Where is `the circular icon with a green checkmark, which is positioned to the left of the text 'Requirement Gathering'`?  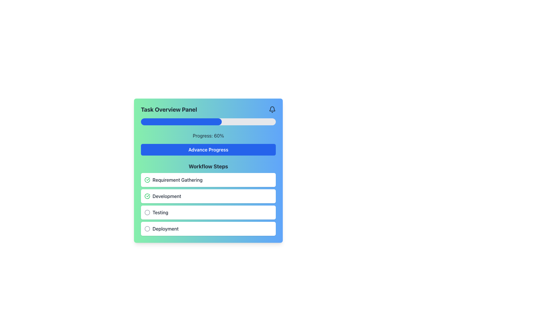 the circular icon with a green checkmark, which is positioned to the left of the text 'Requirement Gathering' is located at coordinates (147, 179).